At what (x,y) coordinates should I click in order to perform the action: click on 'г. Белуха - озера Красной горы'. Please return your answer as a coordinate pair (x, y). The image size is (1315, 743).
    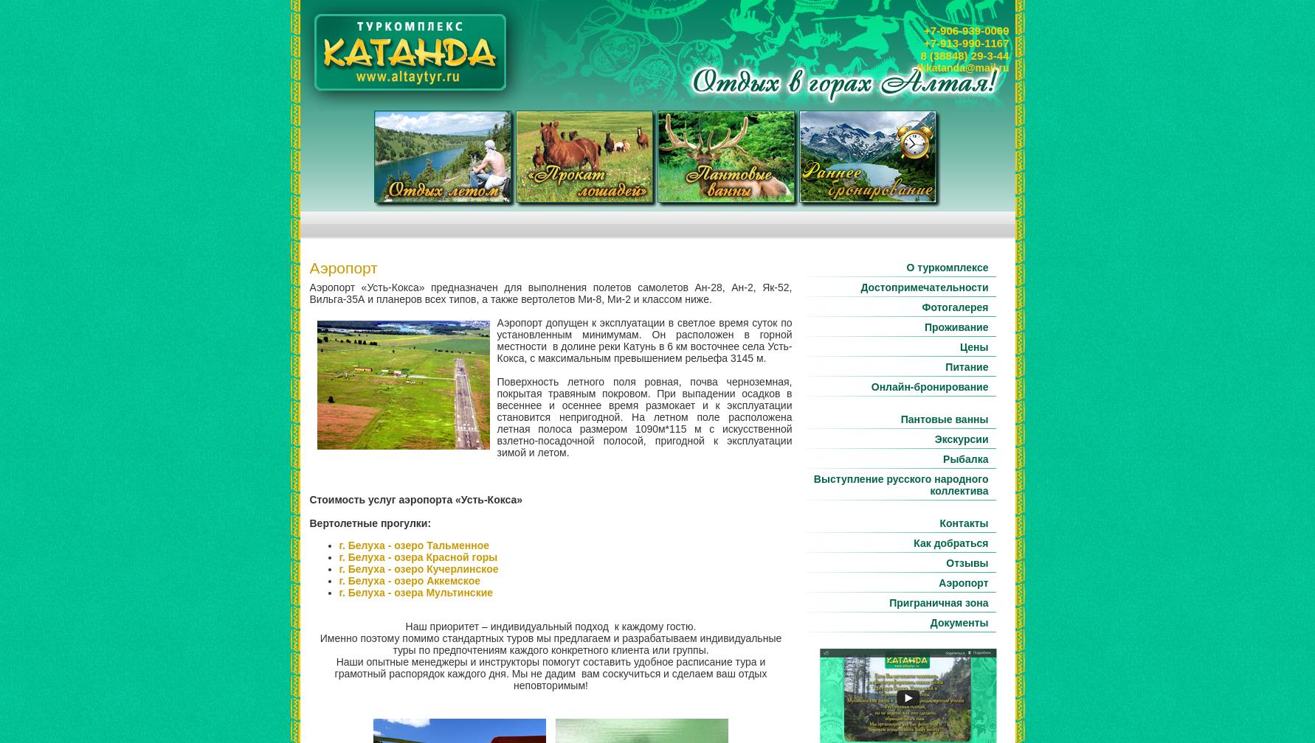
    Looking at the image, I should click on (418, 557).